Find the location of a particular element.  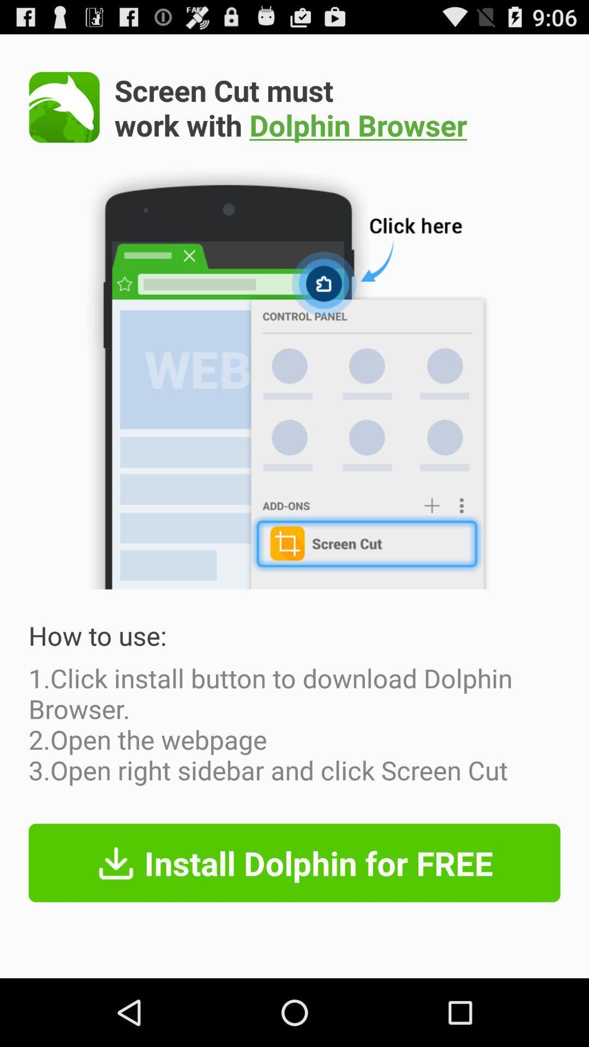

the icon at the top left corner is located at coordinates (64, 107).